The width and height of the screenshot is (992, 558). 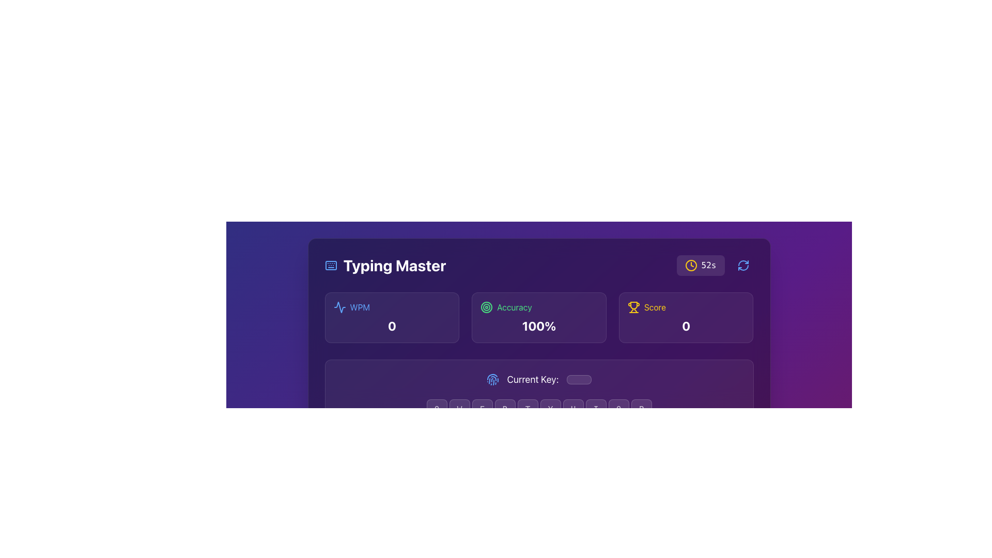 I want to click on the middle SVG Circle element in the circular target design, which is visually nested within two other concentric circles, so click(x=486, y=306).